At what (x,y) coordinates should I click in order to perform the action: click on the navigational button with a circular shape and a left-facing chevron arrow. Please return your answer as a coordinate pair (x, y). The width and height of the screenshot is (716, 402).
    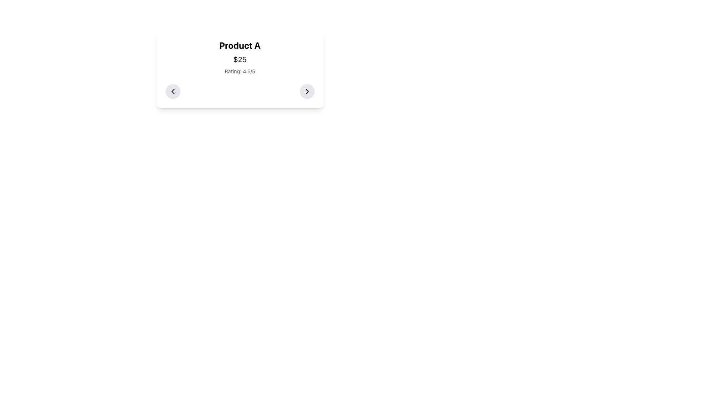
    Looking at the image, I should click on (172, 91).